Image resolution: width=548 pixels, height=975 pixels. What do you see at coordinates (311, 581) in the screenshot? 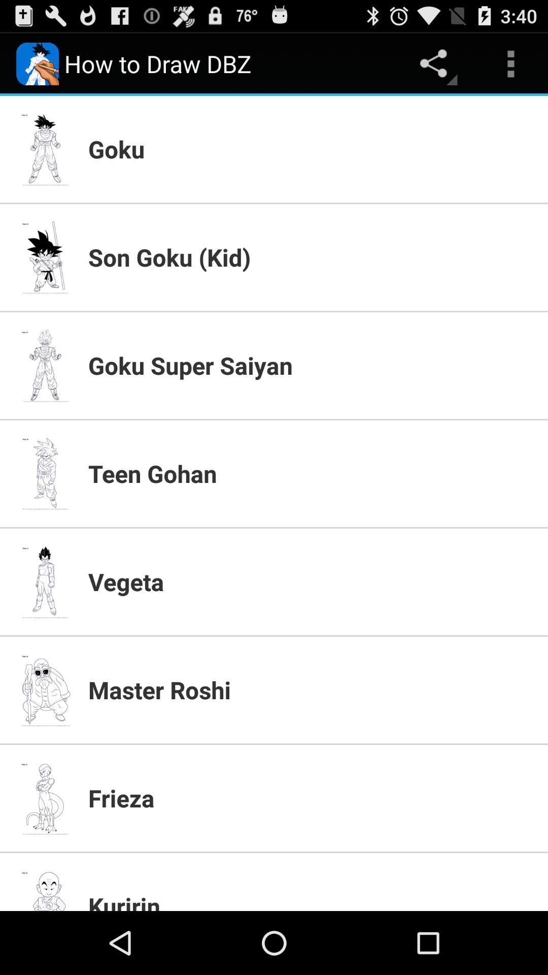
I see `item above master roshi` at bounding box center [311, 581].